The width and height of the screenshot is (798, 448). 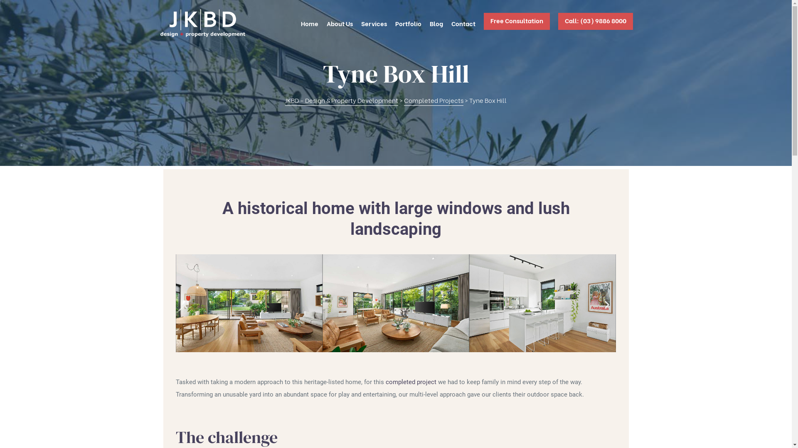 What do you see at coordinates (340, 23) in the screenshot?
I see `'About Us'` at bounding box center [340, 23].